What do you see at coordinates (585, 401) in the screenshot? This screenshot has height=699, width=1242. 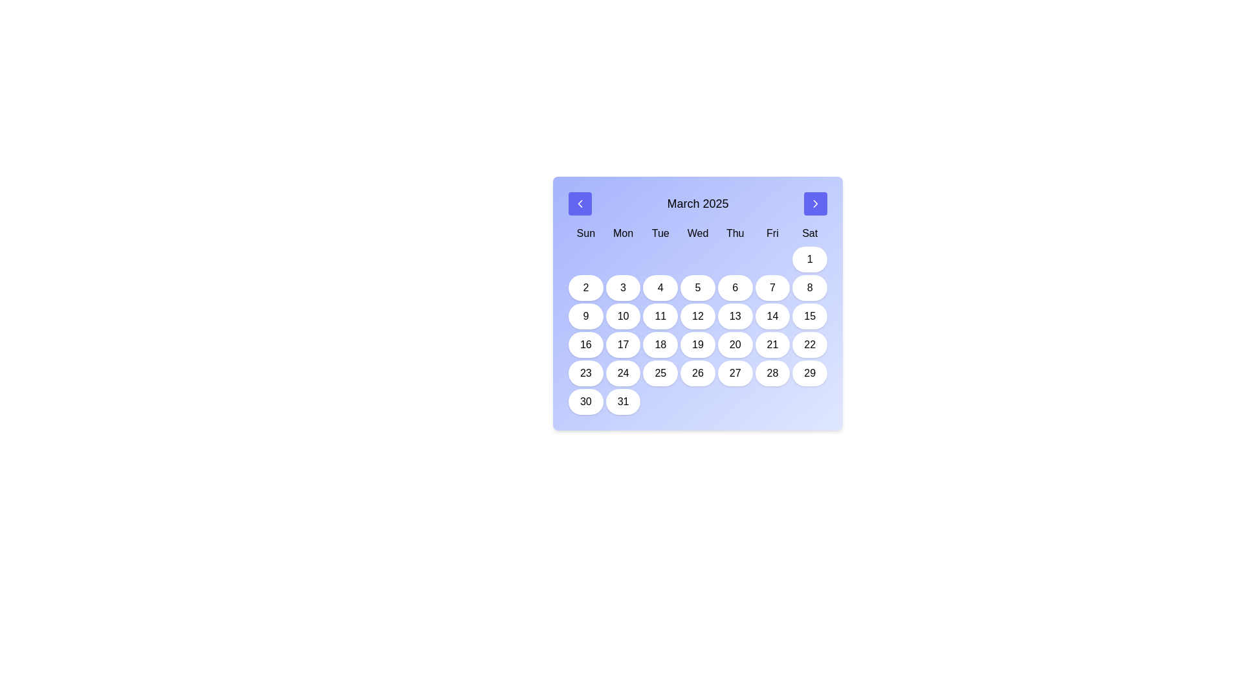 I see `the date selection button for March 30, 2025, located in the last row, first column of the calendar interface` at bounding box center [585, 401].